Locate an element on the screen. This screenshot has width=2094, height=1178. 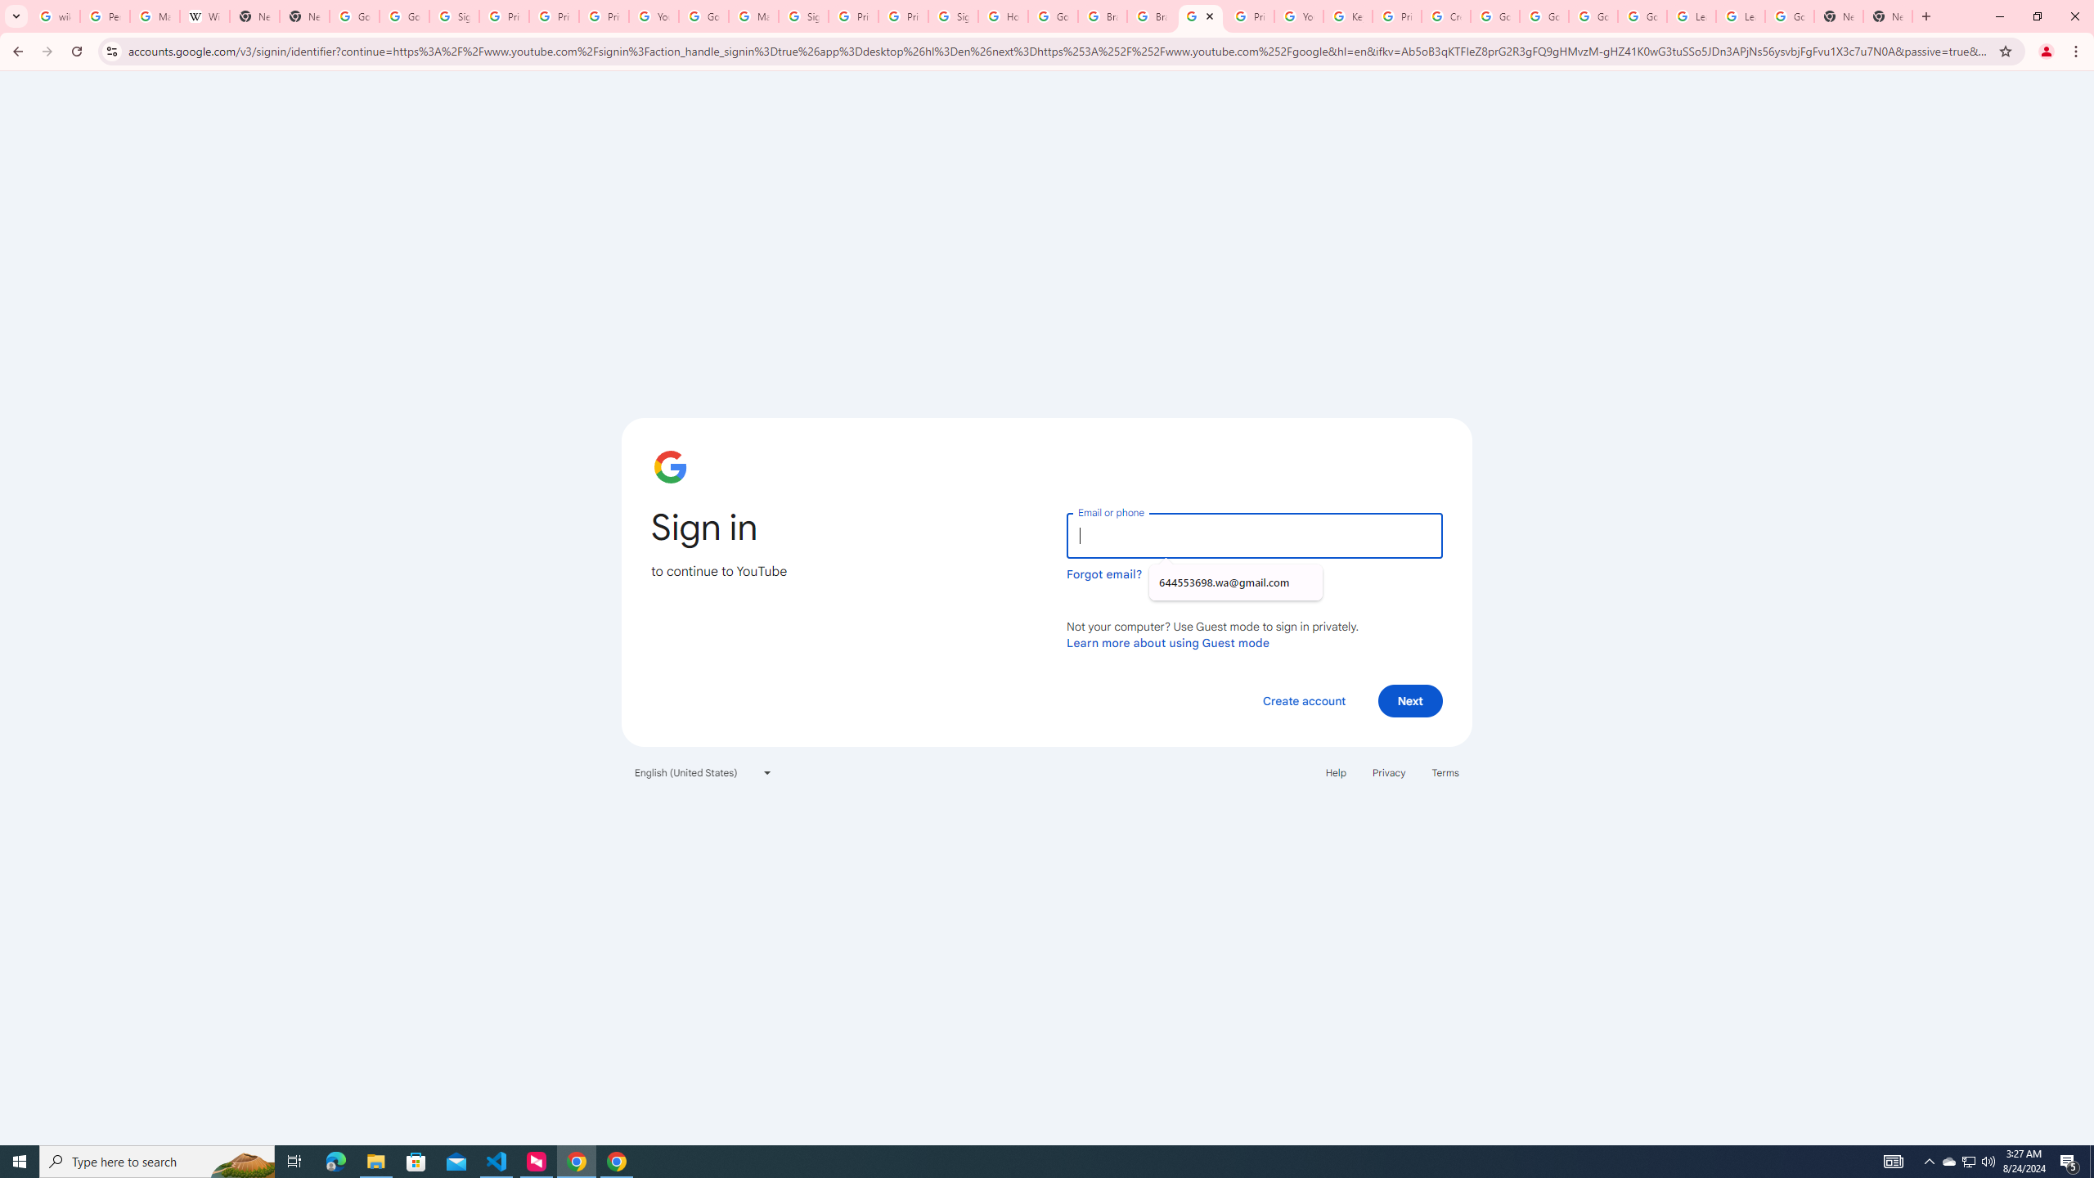
'New Tab' is located at coordinates (1837, 16).